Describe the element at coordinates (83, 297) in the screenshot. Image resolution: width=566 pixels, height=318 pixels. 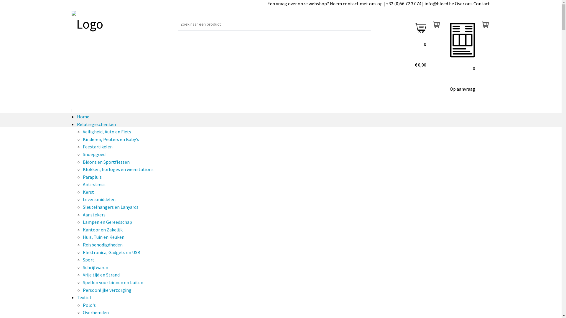
I see `'Textiel'` at that location.